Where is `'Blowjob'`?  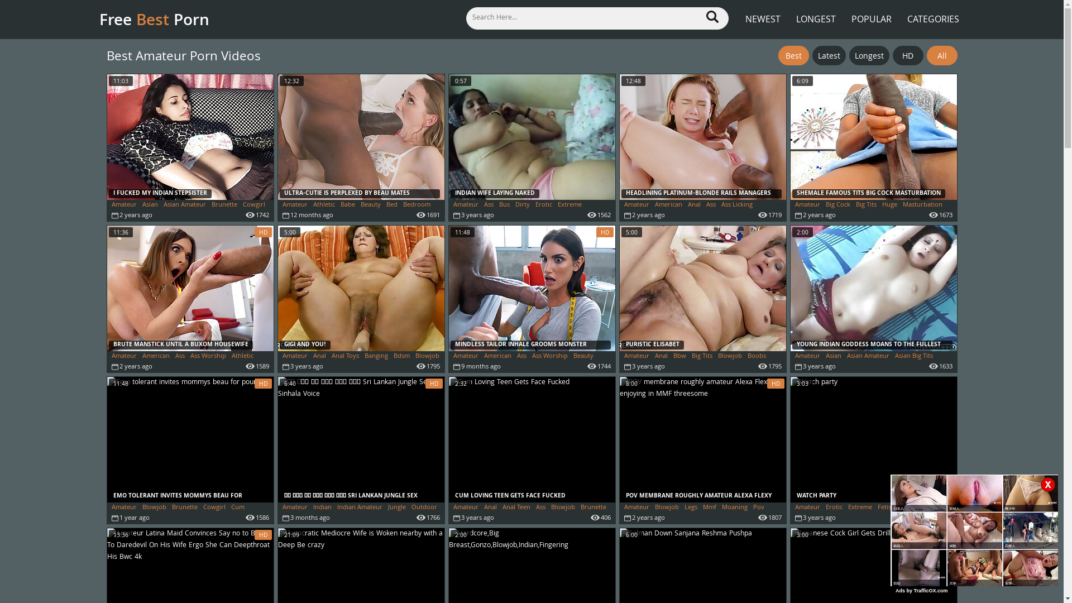 'Blowjob' is located at coordinates (141, 508).